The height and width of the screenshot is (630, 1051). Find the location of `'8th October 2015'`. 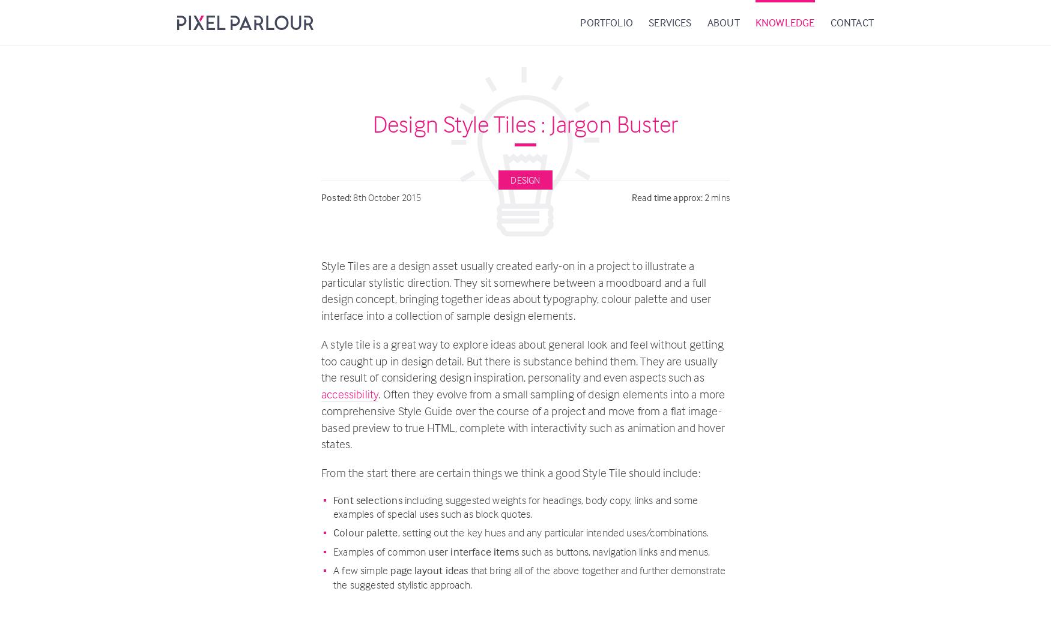

'8th October 2015' is located at coordinates (386, 197).